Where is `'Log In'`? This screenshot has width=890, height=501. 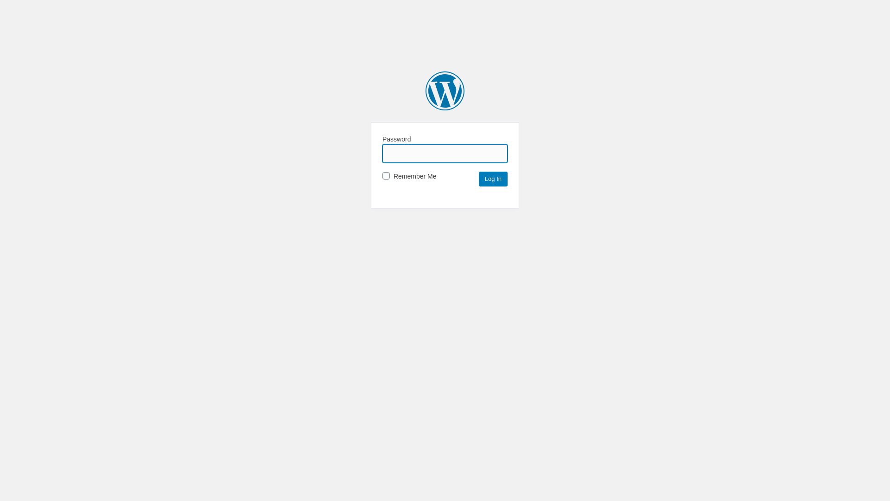
'Log In' is located at coordinates (478, 179).